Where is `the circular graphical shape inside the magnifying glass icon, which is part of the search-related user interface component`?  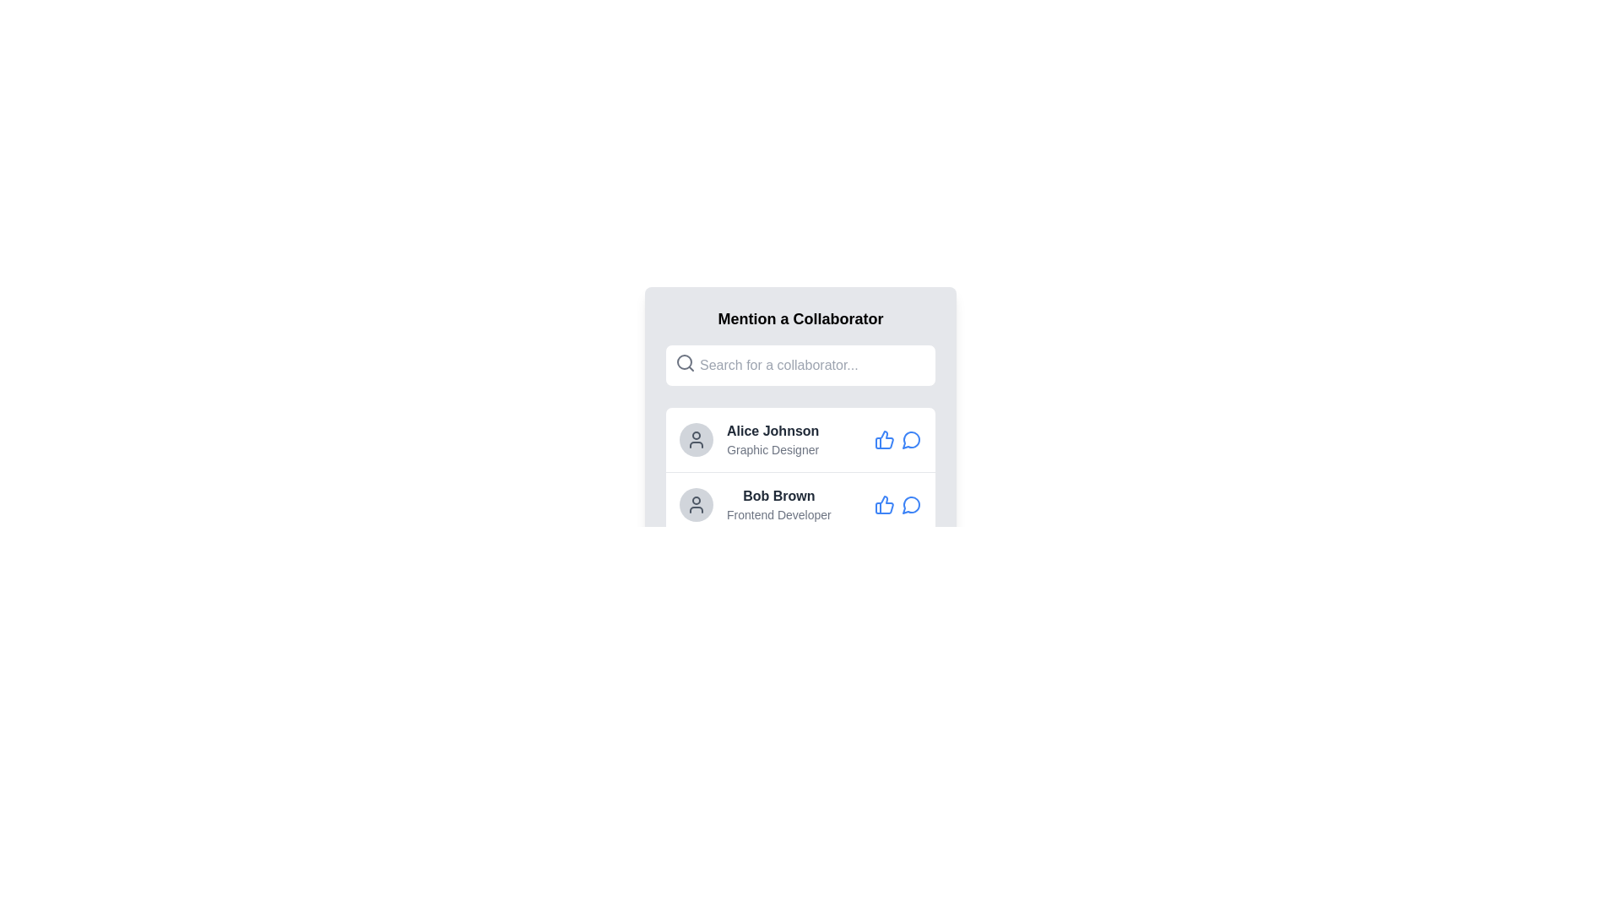
the circular graphical shape inside the magnifying glass icon, which is part of the search-related user interface component is located at coordinates (685, 361).